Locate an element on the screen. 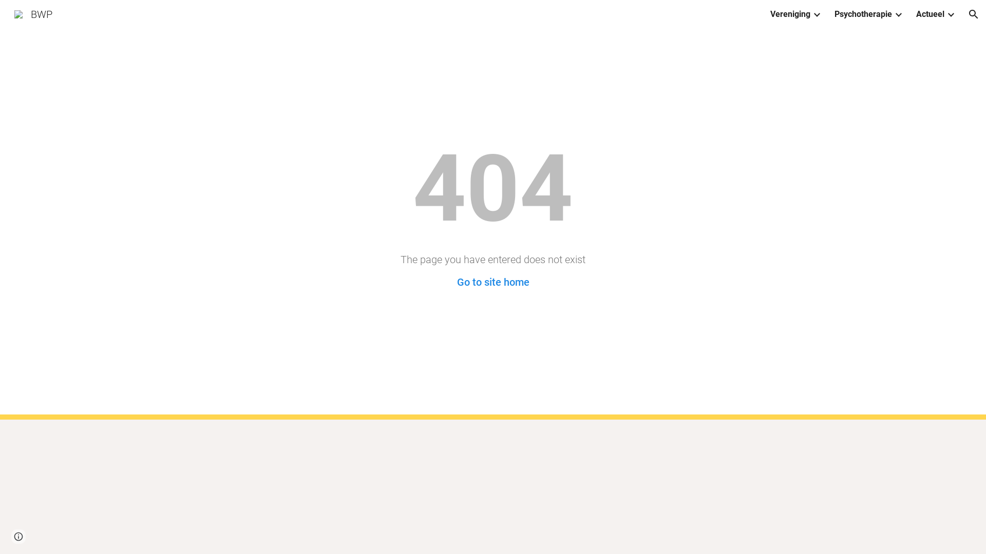 The image size is (986, 554). 'Expand/Collapse' is located at coordinates (950, 14).